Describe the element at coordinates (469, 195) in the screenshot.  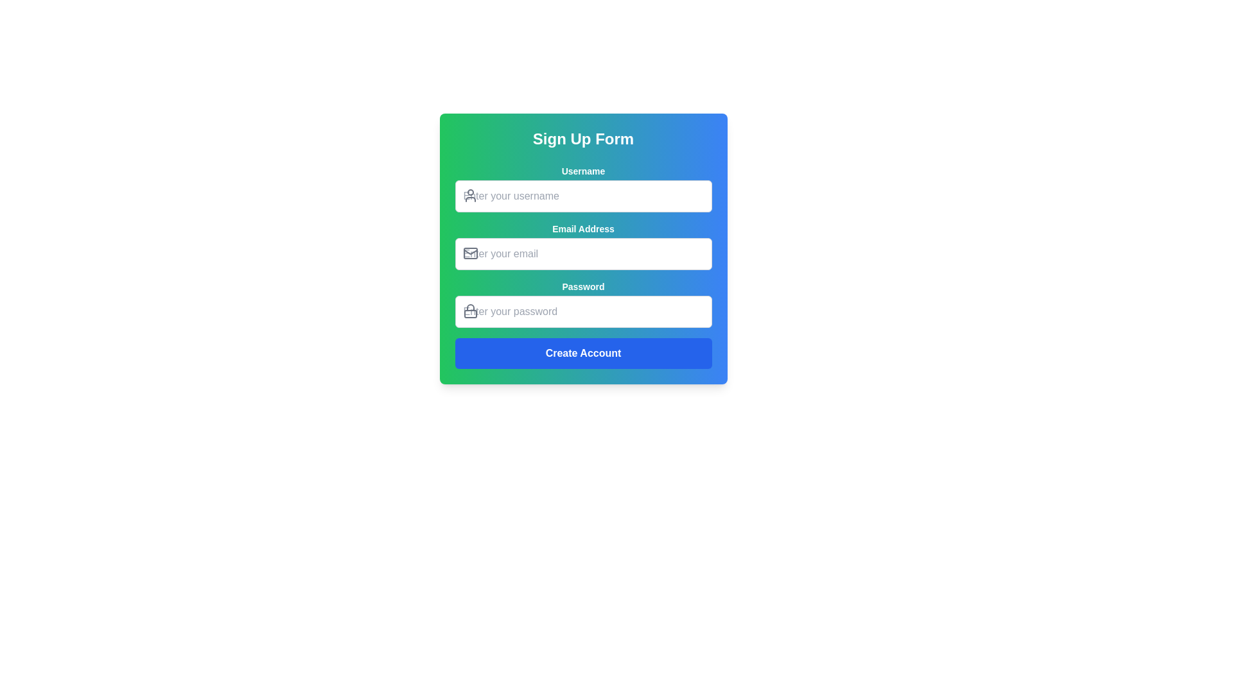
I see `the decorative icon positioned to the left of the 'Username' input field, which serves as a visual cue for the text field` at that location.